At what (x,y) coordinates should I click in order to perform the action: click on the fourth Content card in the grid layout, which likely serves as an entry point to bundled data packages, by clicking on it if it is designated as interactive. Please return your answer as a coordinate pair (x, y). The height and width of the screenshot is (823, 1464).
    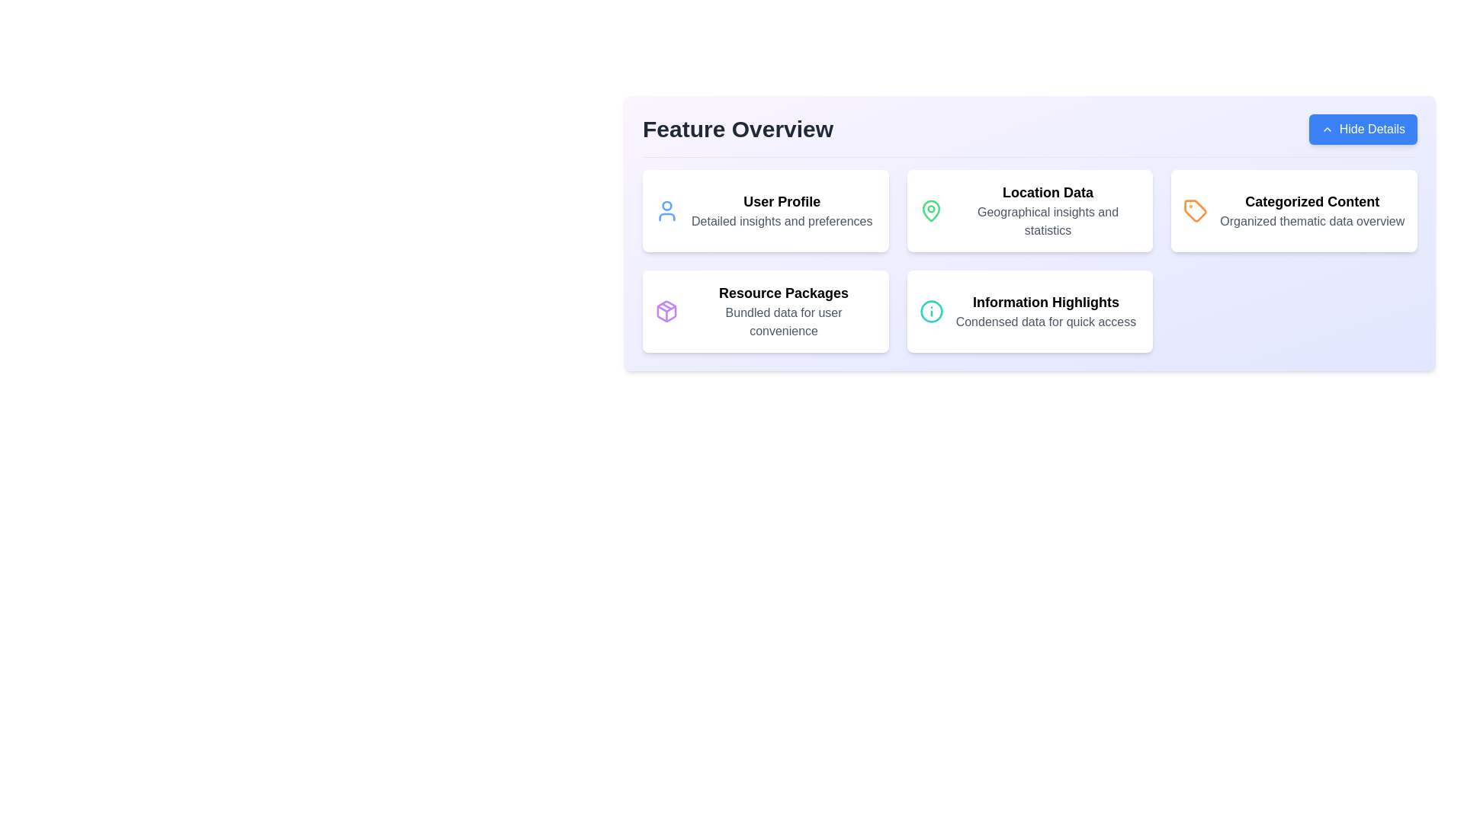
    Looking at the image, I should click on (765, 310).